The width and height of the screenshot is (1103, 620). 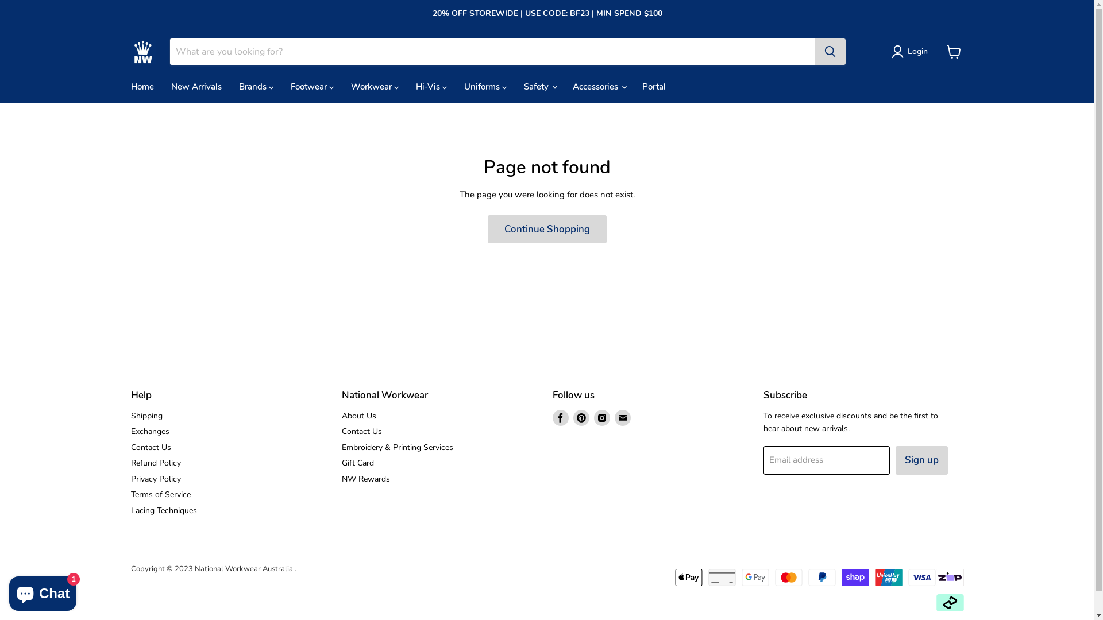 What do you see at coordinates (149, 431) in the screenshot?
I see `'Exchanges'` at bounding box center [149, 431].